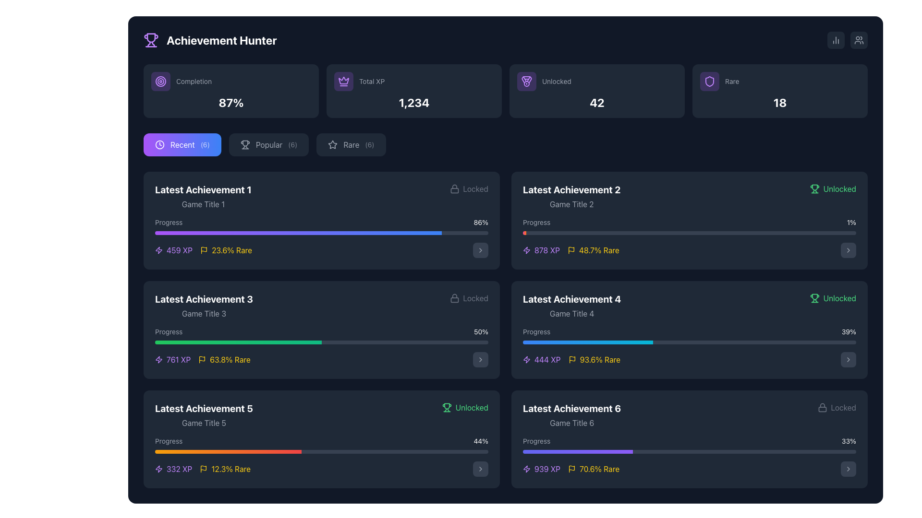  I want to click on the progress visually on the Progress bar located in the 'Latest Achievement 5' section, beneath the progress label showing '44%', so click(322, 451).